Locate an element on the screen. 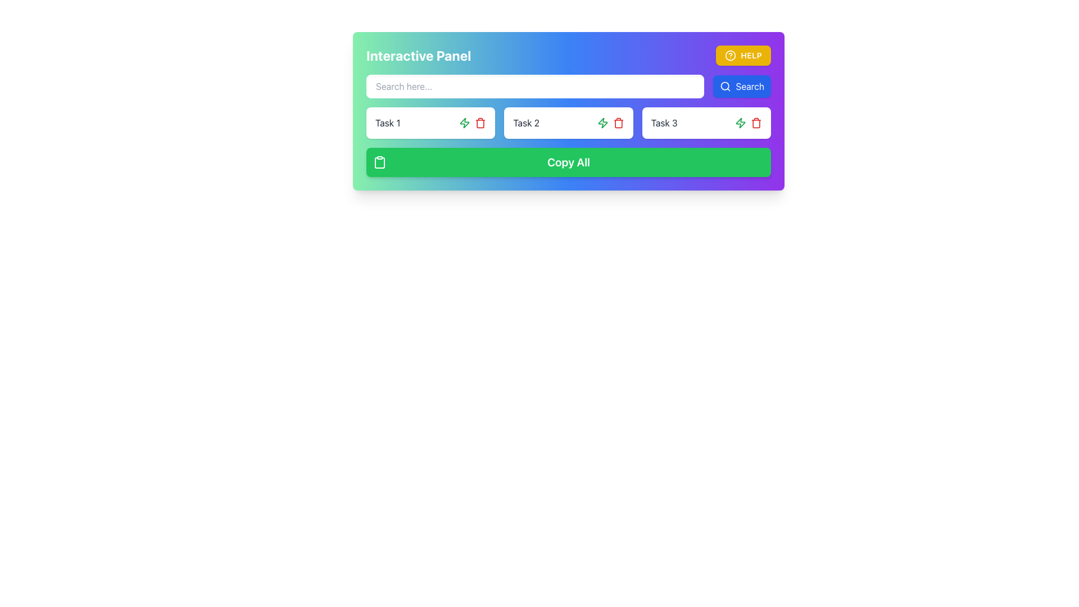 This screenshot has width=1079, height=607. the red trash icon in the 'Task 2' section is located at coordinates (480, 123).